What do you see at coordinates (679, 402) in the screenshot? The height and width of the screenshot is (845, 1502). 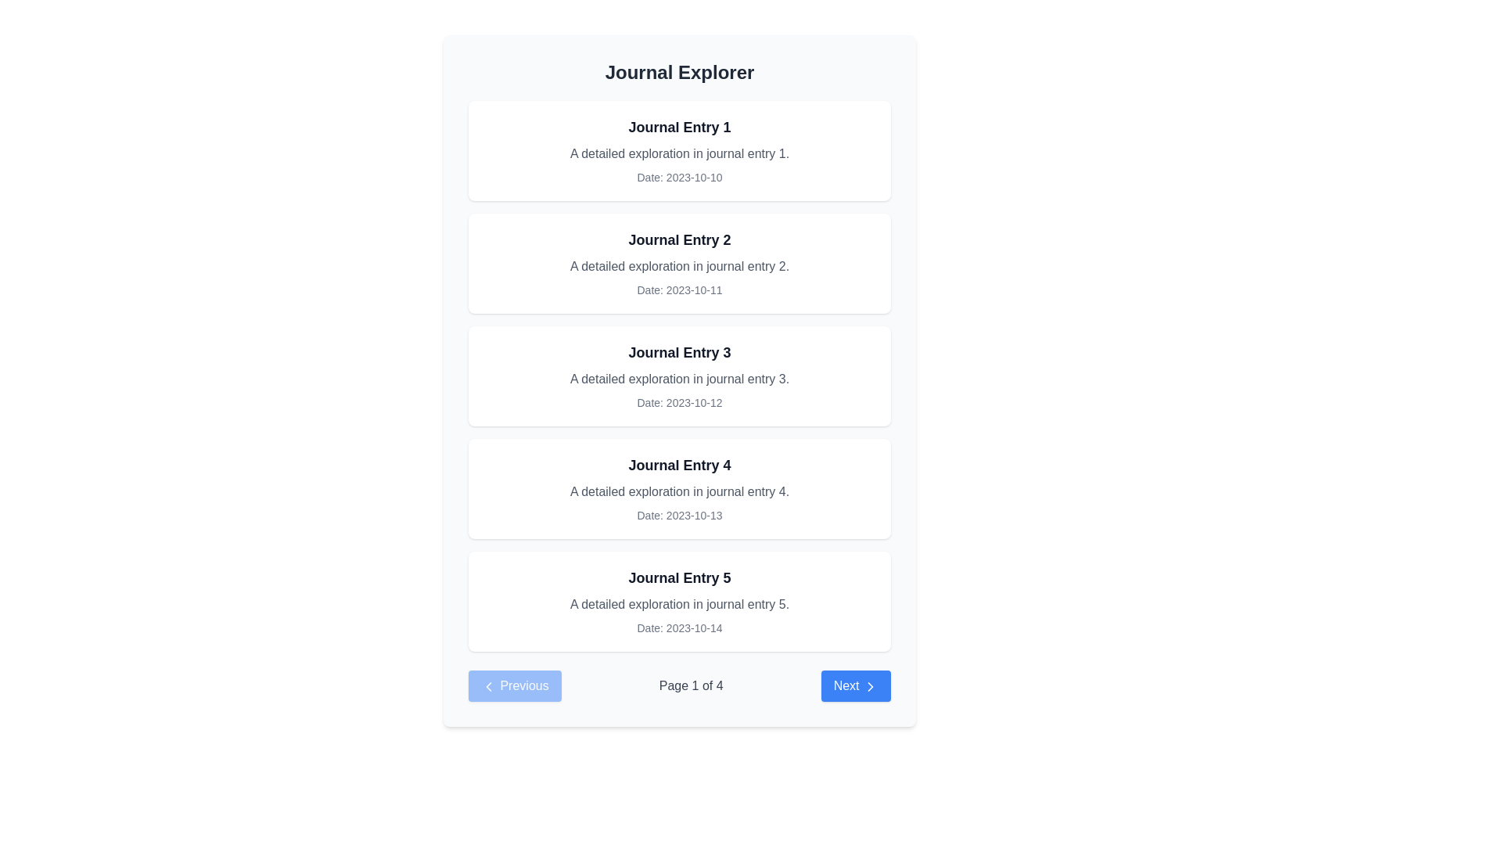 I see `the static text label displaying 'Date: 2023-10-12', which is styled with a small font and gray color, located at the bottom of 'Journal Entry 3'` at bounding box center [679, 402].